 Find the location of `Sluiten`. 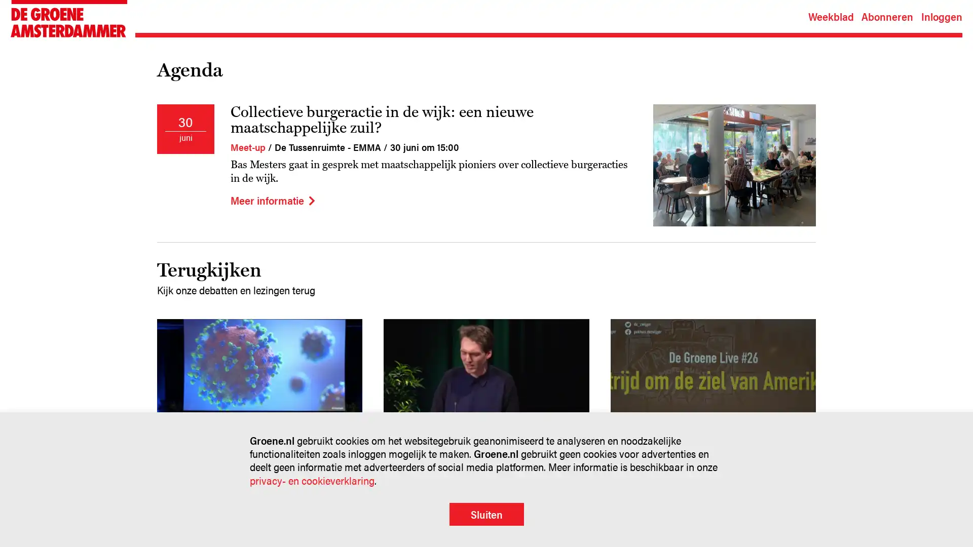

Sluiten is located at coordinates (485, 514).